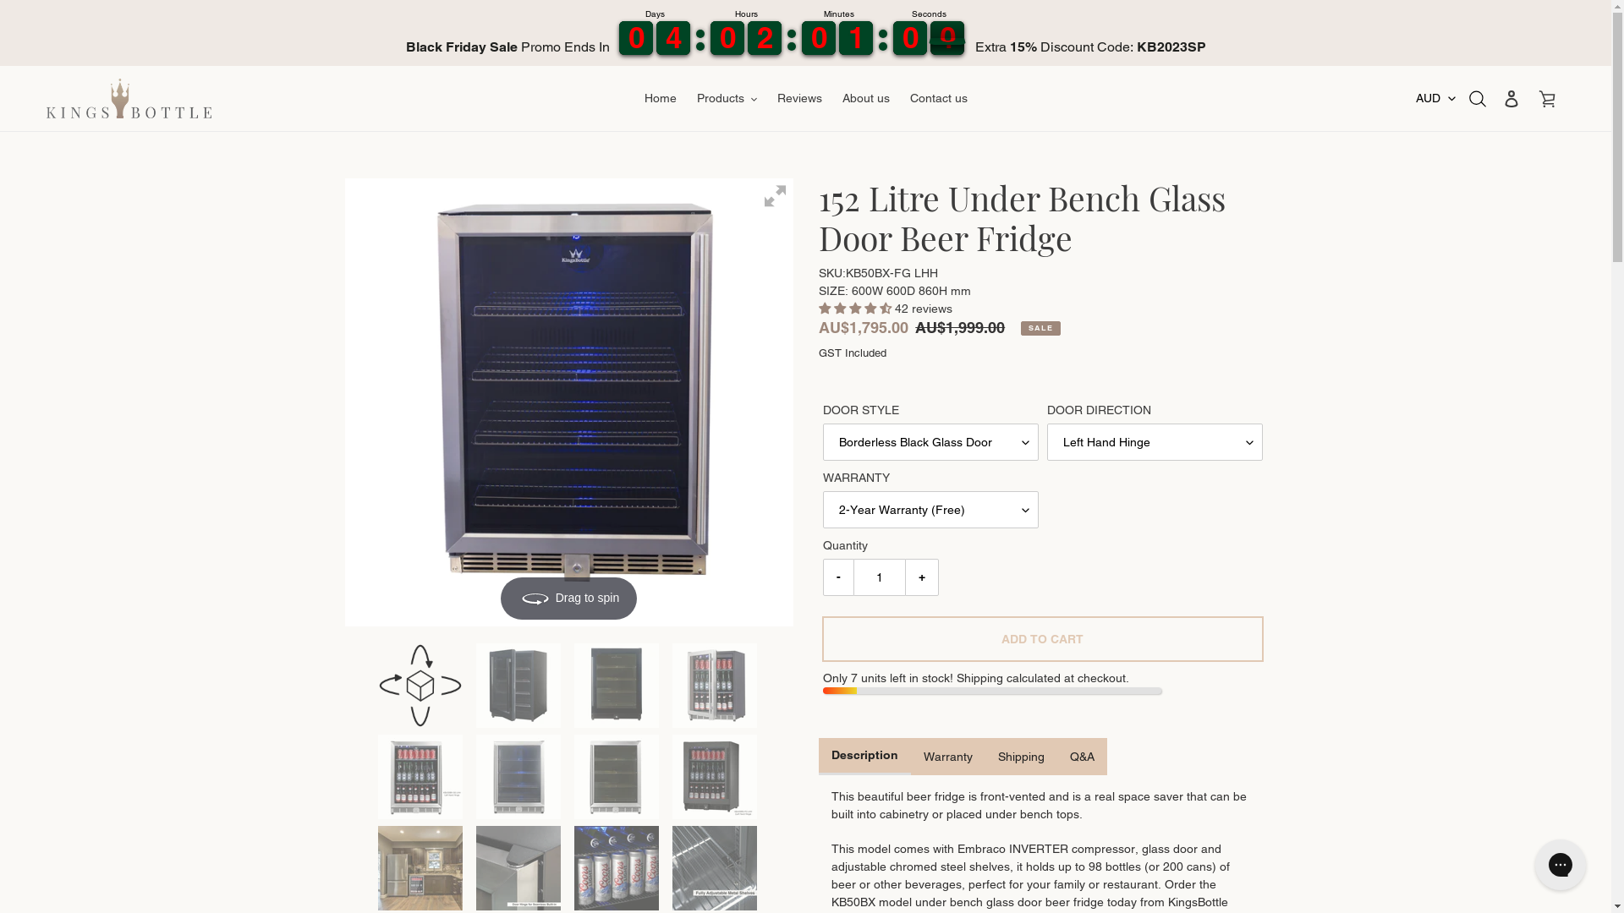 The width and height of the screenshot is (1624, 913). What do you see at coordinates (727, 38) in the screenshot?
I see `'9` at bounding box center [727, 38].